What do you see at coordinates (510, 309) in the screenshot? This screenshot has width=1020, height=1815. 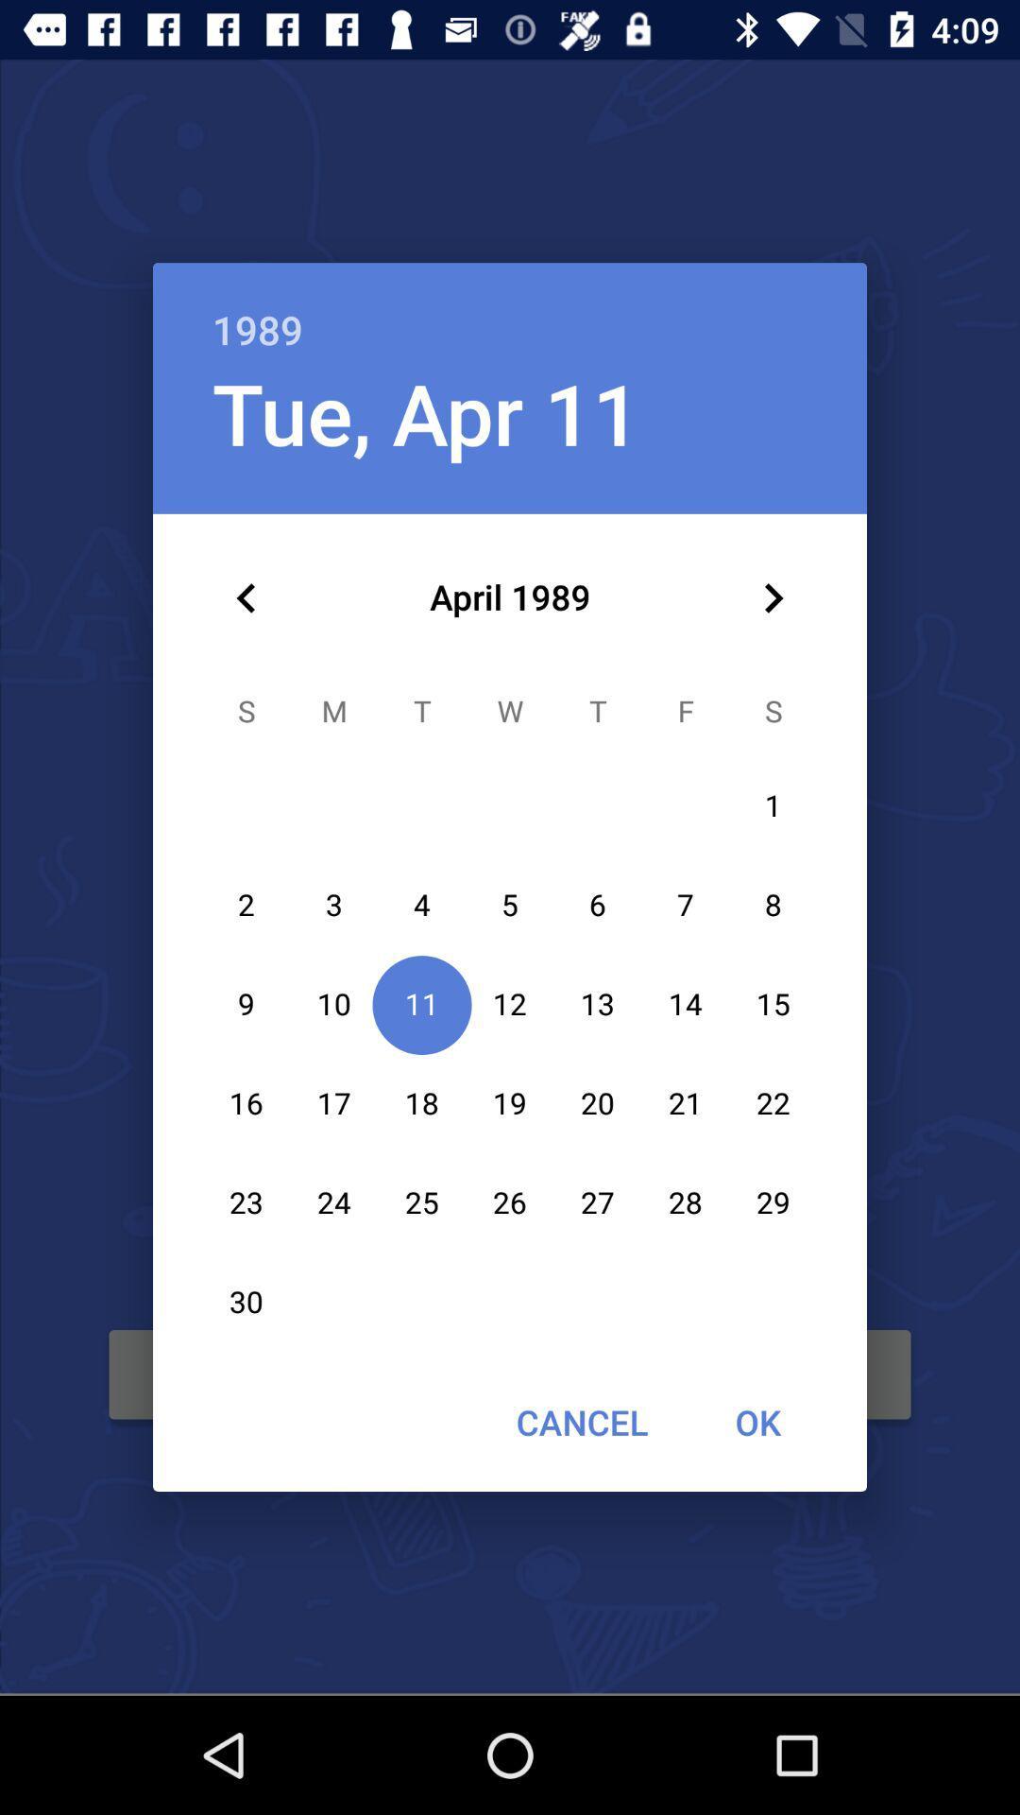 I see `1989` at bounding box center [510, 309].